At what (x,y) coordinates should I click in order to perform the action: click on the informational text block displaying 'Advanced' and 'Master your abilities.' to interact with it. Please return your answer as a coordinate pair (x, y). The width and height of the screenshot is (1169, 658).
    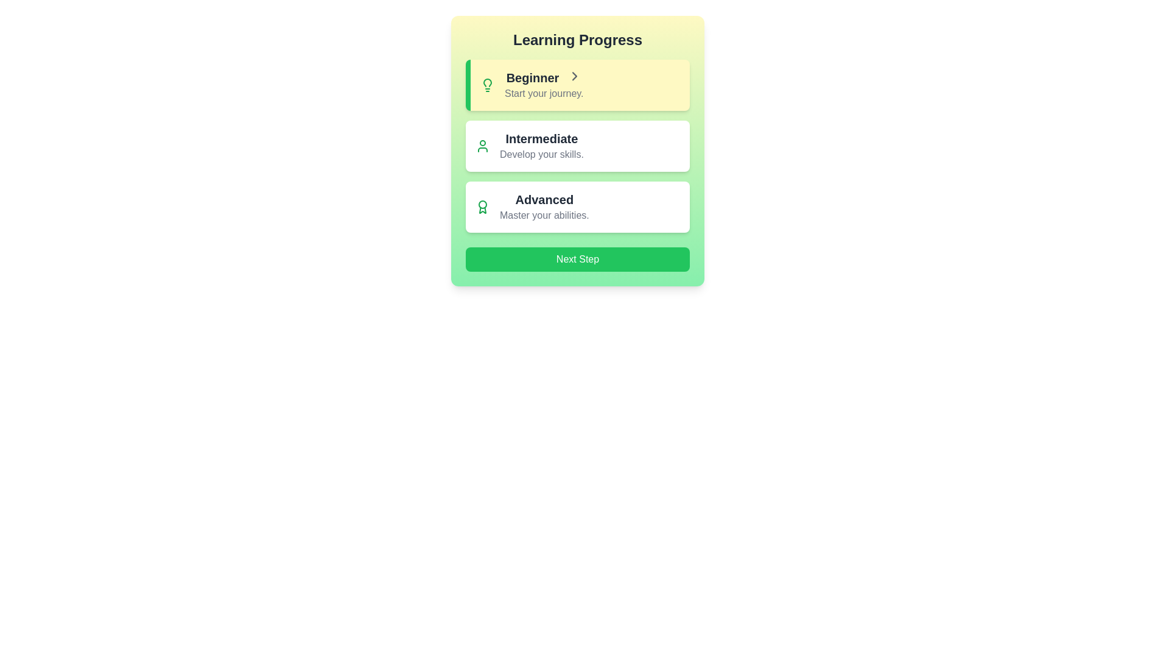
    Looking at the image, I should click on (544, 206).